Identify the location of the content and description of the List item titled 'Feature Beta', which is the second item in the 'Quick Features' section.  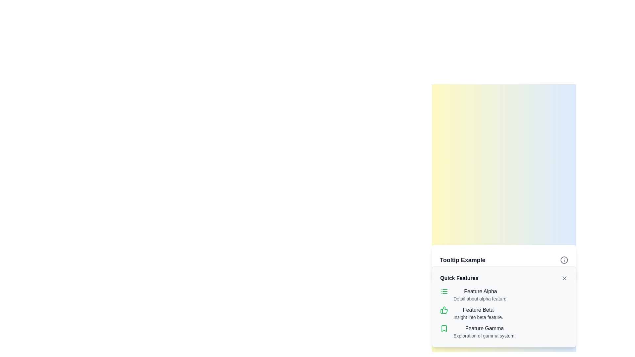
(503, 313).